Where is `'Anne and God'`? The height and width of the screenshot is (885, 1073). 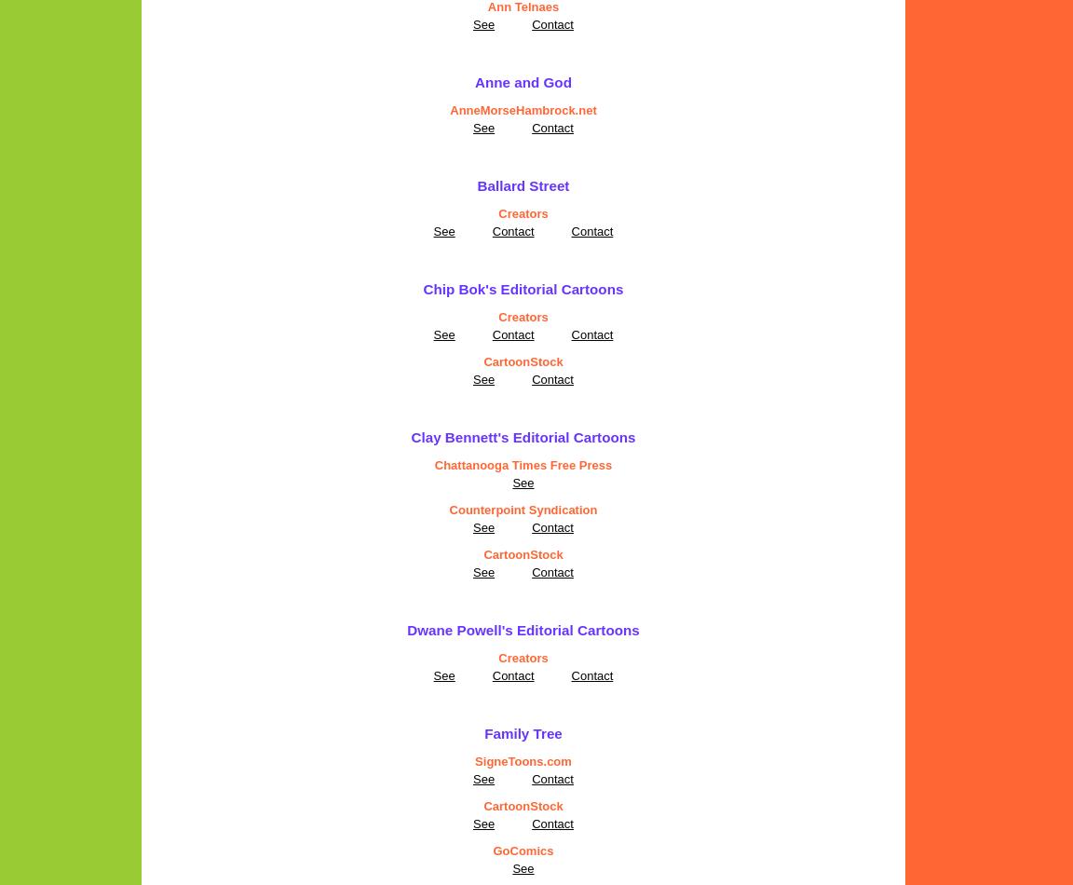 'Anne and God' is located at coordinates (523, 82).